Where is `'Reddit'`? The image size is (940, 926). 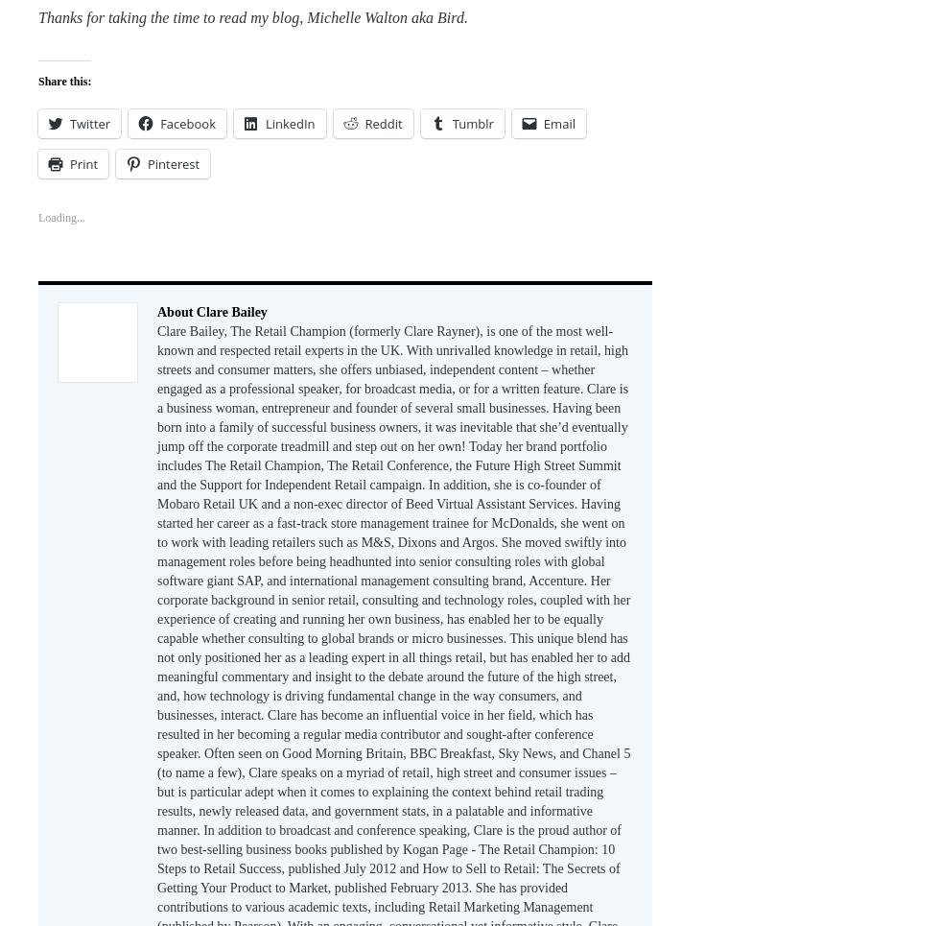
'Reddit' is located at coordinates (383, 122).